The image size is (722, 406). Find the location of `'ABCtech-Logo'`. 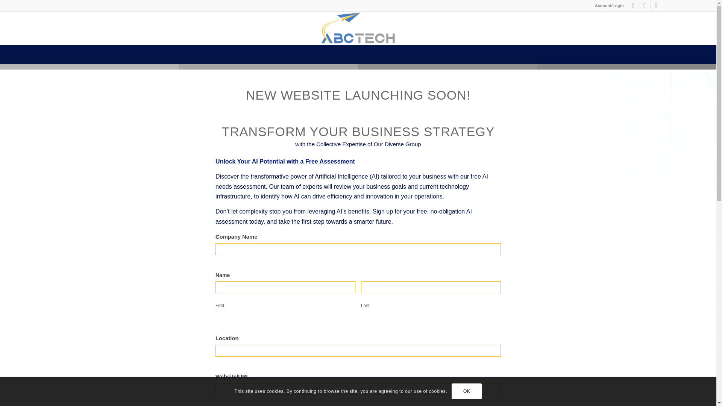

'ABCtech-Logo' is located at coordinates (320, 27).